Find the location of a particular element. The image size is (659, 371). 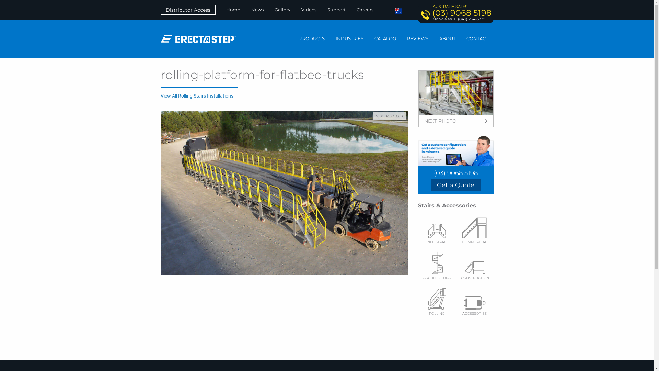

'PRODUCTS' is located at coordinates (311, 38).